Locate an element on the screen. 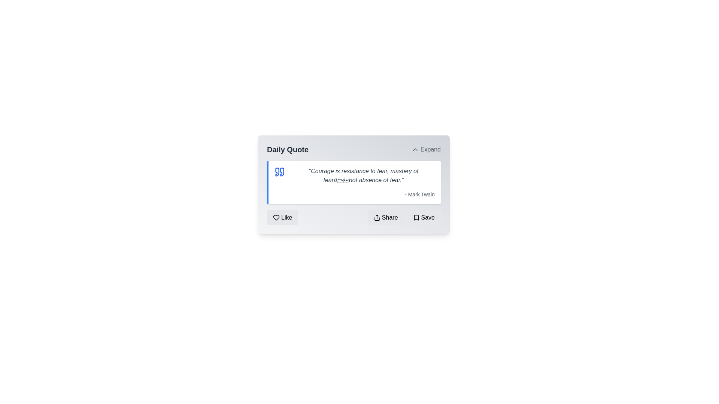  the bookmark icon located at the bottom-right corner of the card interface is located at coordinates (416, 218).